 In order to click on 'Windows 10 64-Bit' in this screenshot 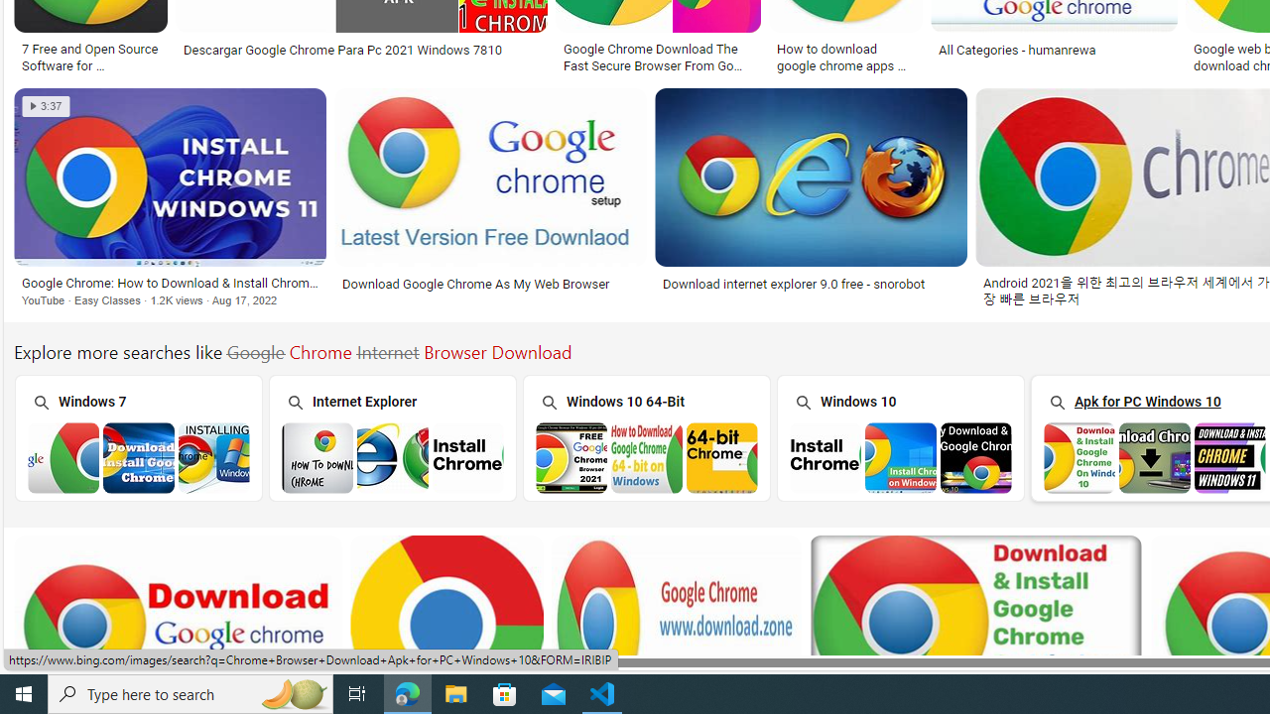, I will do `click(646, 436)`.